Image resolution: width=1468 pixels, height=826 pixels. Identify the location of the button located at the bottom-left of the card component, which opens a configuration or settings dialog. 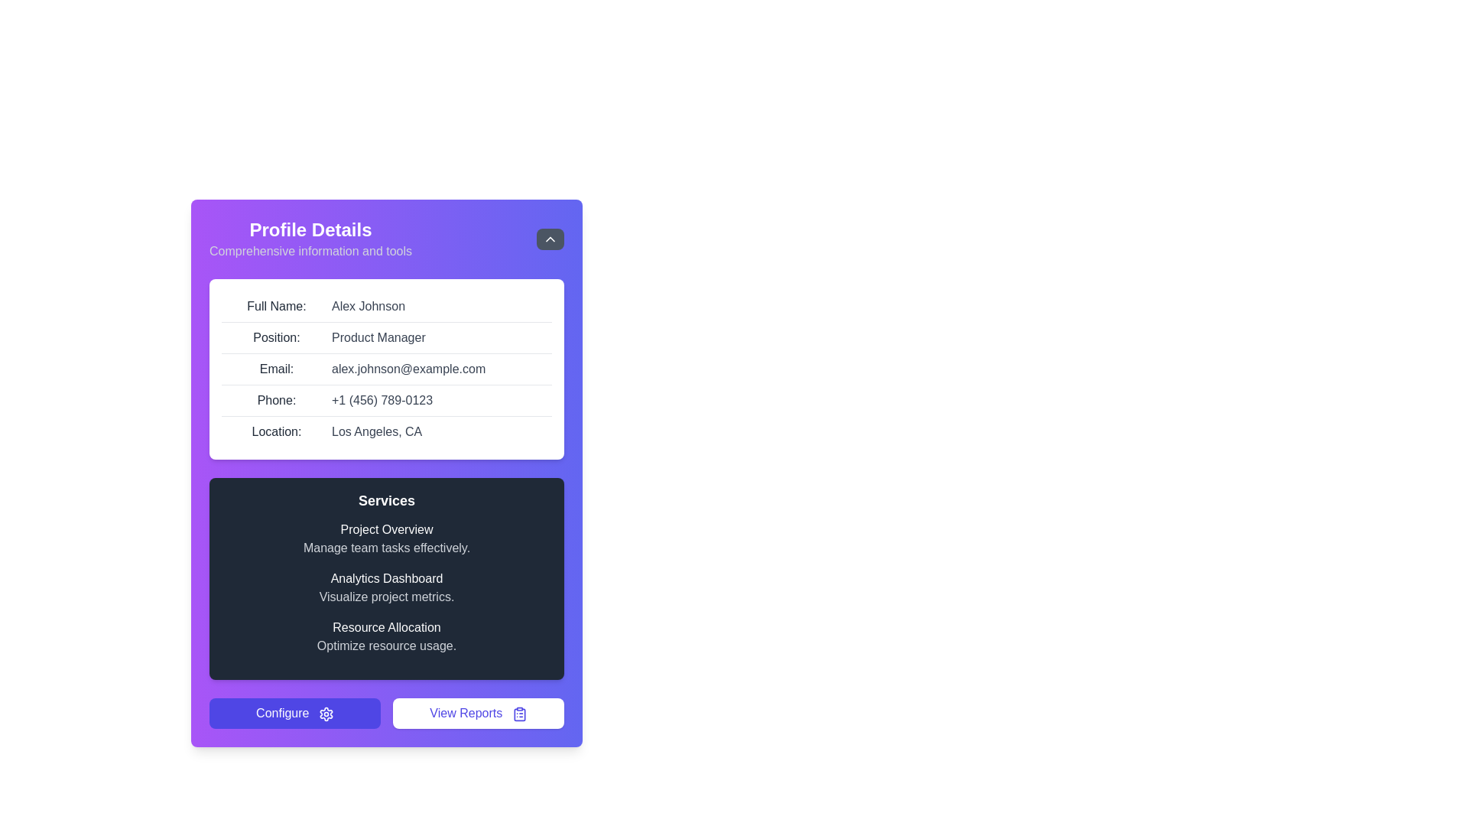
(294, 714).